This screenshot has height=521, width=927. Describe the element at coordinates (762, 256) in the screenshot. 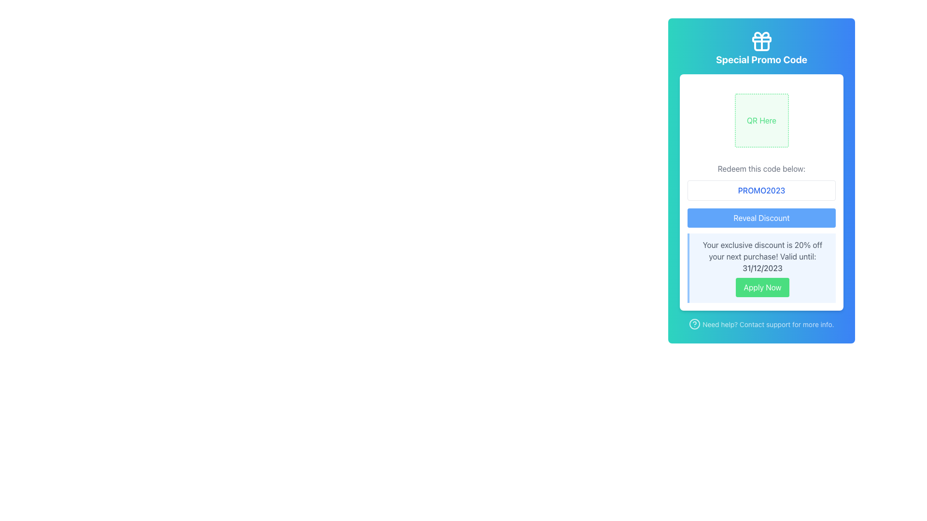

I see `promotional text block displaying 'Your exclusive discount is 20% off your next purchase!' and 'Valid until: 31/12/2023', located near the bottom of the panel above the 'Apply Now' button` at that location.